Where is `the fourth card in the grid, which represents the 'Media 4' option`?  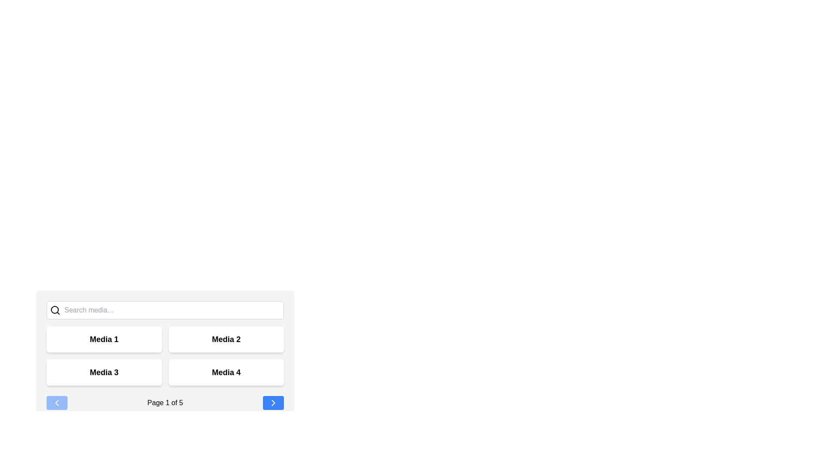 the fourth card in the grid, which represents the 'Media 4' option is located at coordinates (226, 372).